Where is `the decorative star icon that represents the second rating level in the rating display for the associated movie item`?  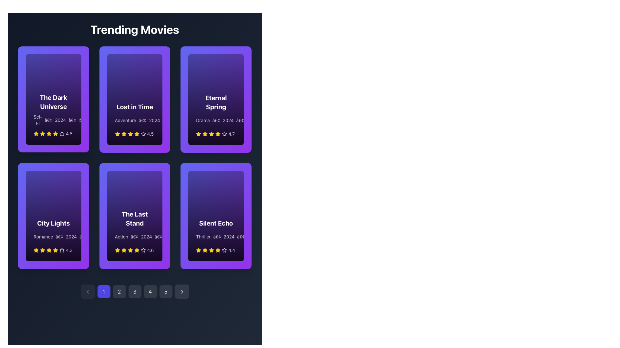
the decorative star icon that represents the second rating level in the rating display for the associated movie item is located at coordinates (124, 133).